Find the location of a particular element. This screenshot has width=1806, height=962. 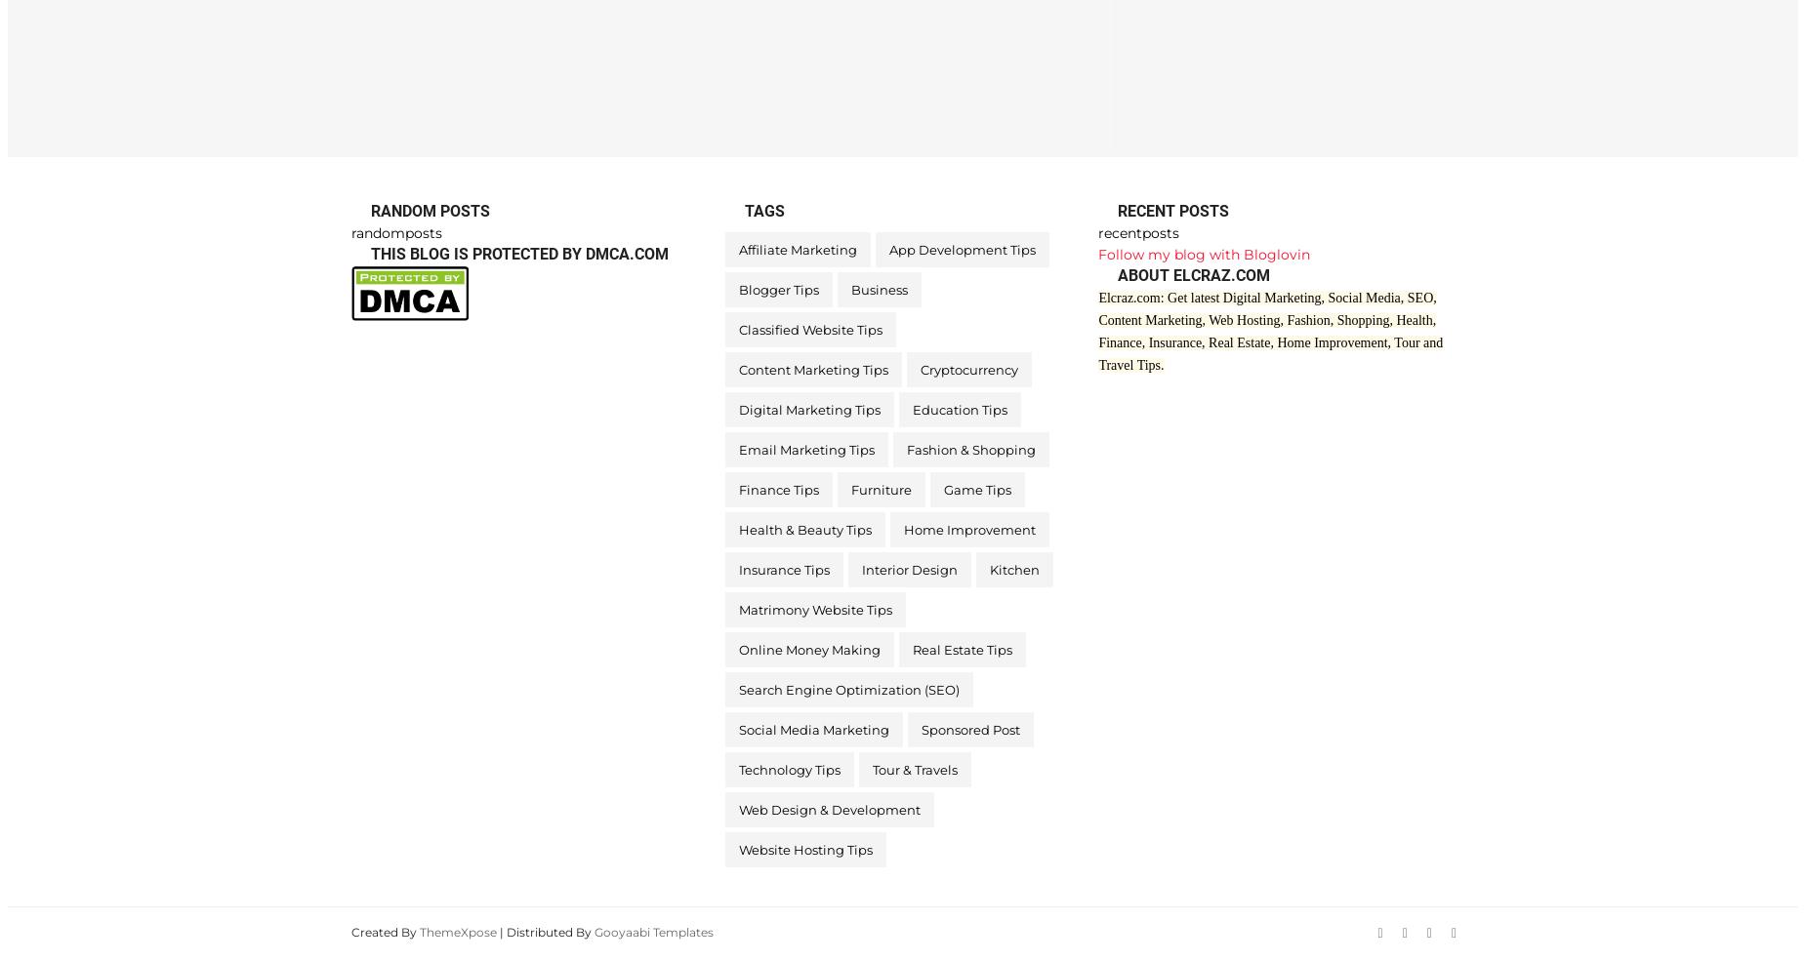

'Tags' is located at coordinates (744, 210).